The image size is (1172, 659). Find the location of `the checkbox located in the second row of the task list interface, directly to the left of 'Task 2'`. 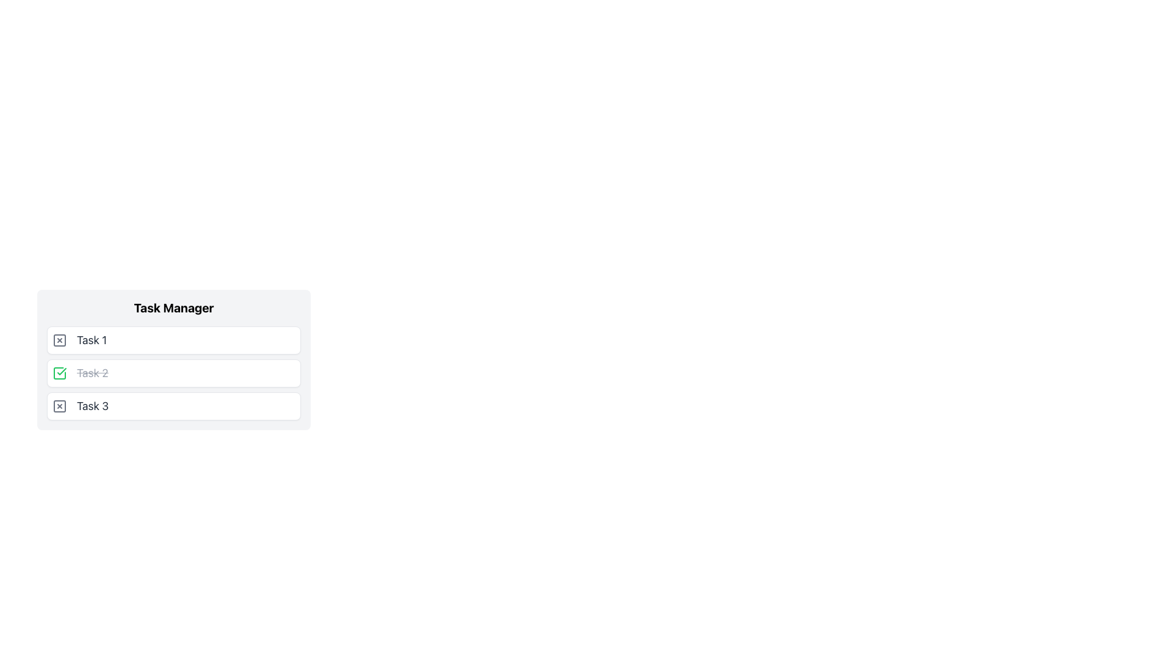

the checkbox located in the second row of the task list interface, directly to the left of 'Task 2' is located at coordinates (59, 373).